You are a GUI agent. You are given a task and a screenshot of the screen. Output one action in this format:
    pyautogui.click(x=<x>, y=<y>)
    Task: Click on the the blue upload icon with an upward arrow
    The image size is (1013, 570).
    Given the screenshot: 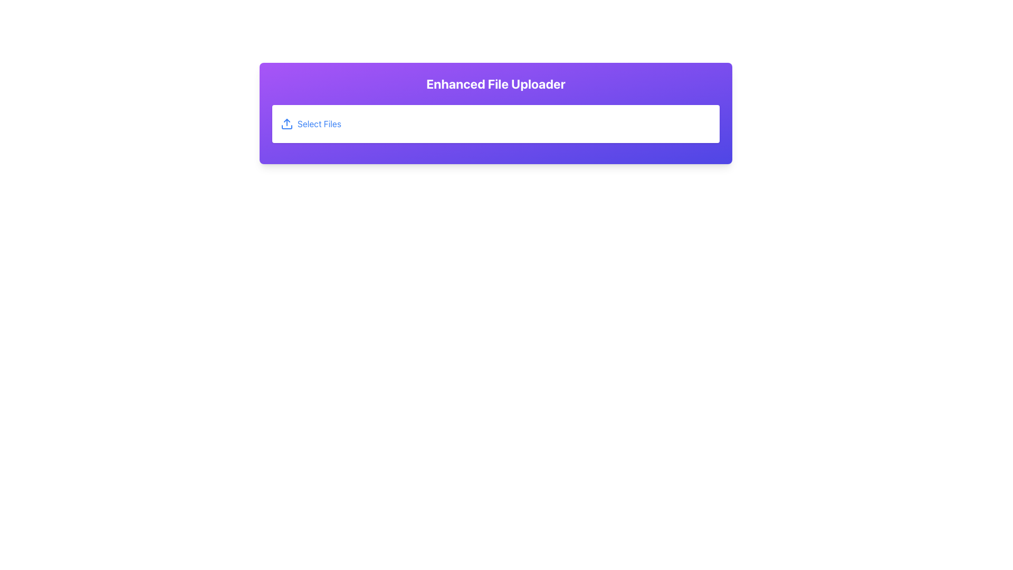 What is the action you would take?
    pyautogui.click(x=286, y=123)
    